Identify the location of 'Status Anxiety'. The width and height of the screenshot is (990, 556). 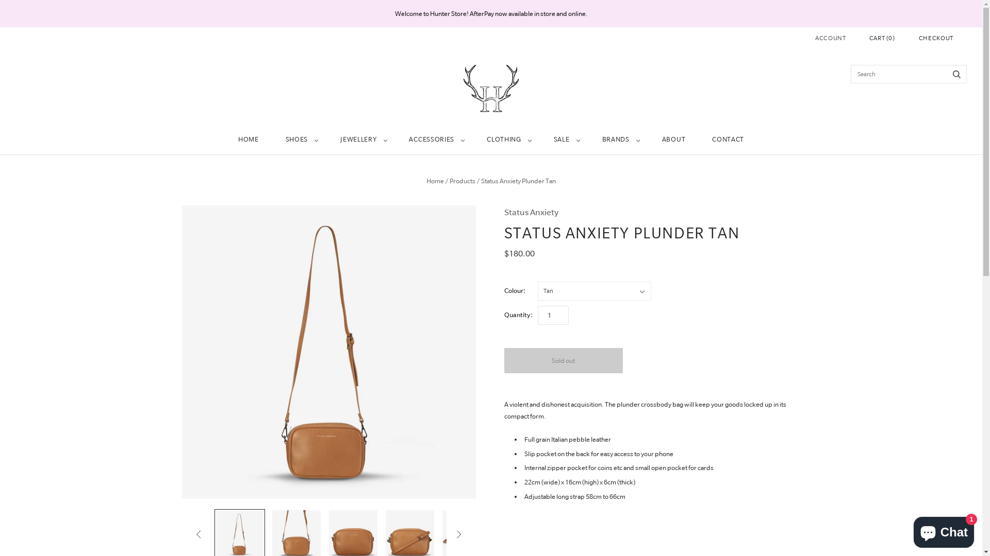
(652, 212).